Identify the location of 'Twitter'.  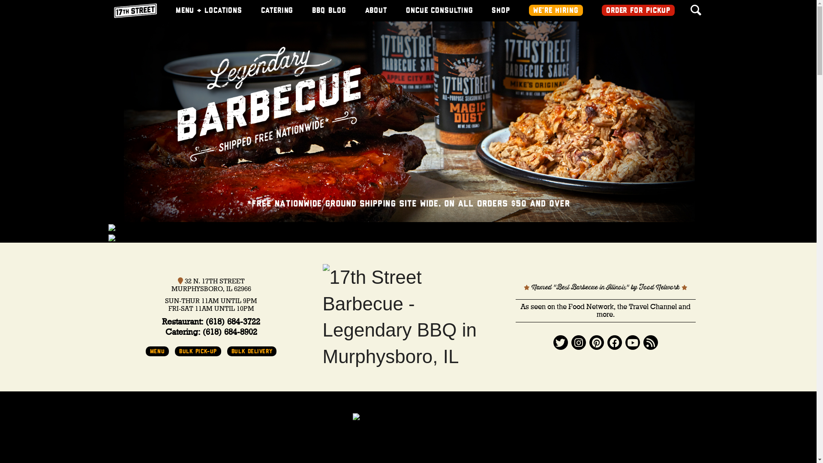
(560, 342).